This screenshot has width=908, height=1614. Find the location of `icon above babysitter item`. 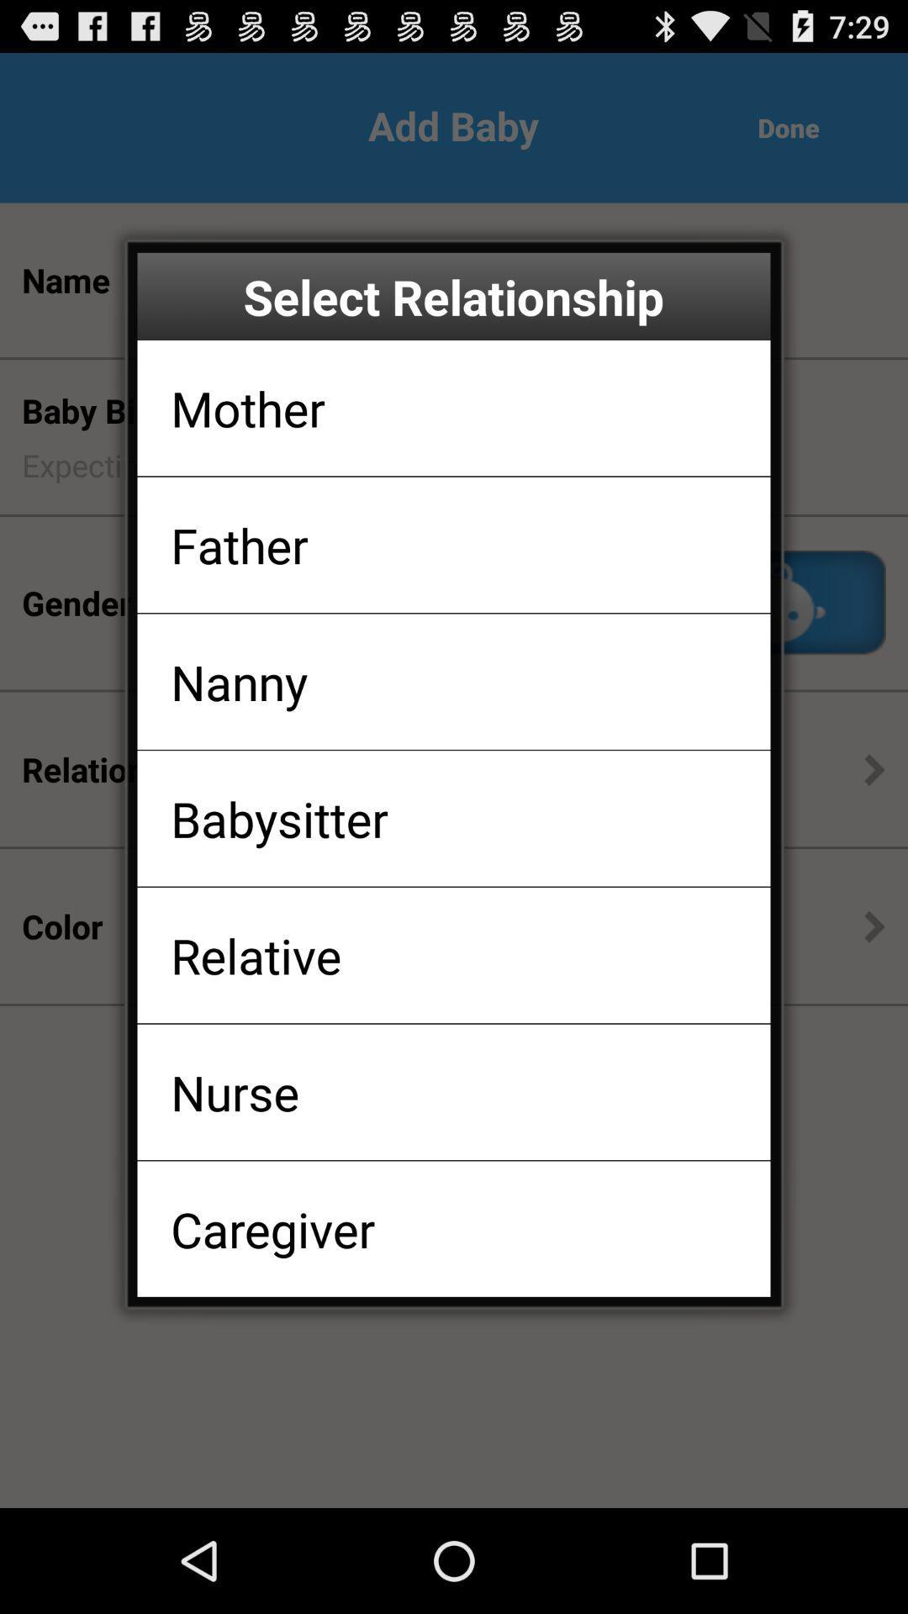

icon above babysitter item is located at coordinates (239, 682).